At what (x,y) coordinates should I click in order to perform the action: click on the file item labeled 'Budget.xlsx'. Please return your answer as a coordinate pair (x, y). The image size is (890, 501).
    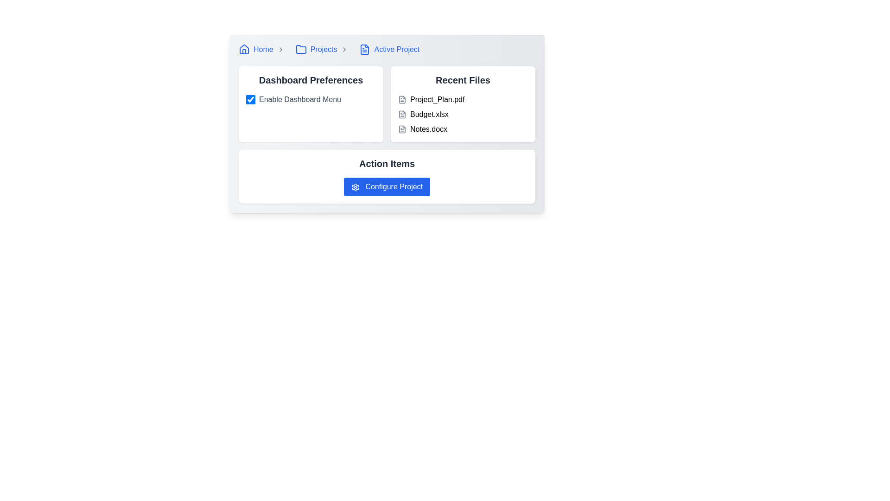
    Looking at the image, I should click on (463, 114).